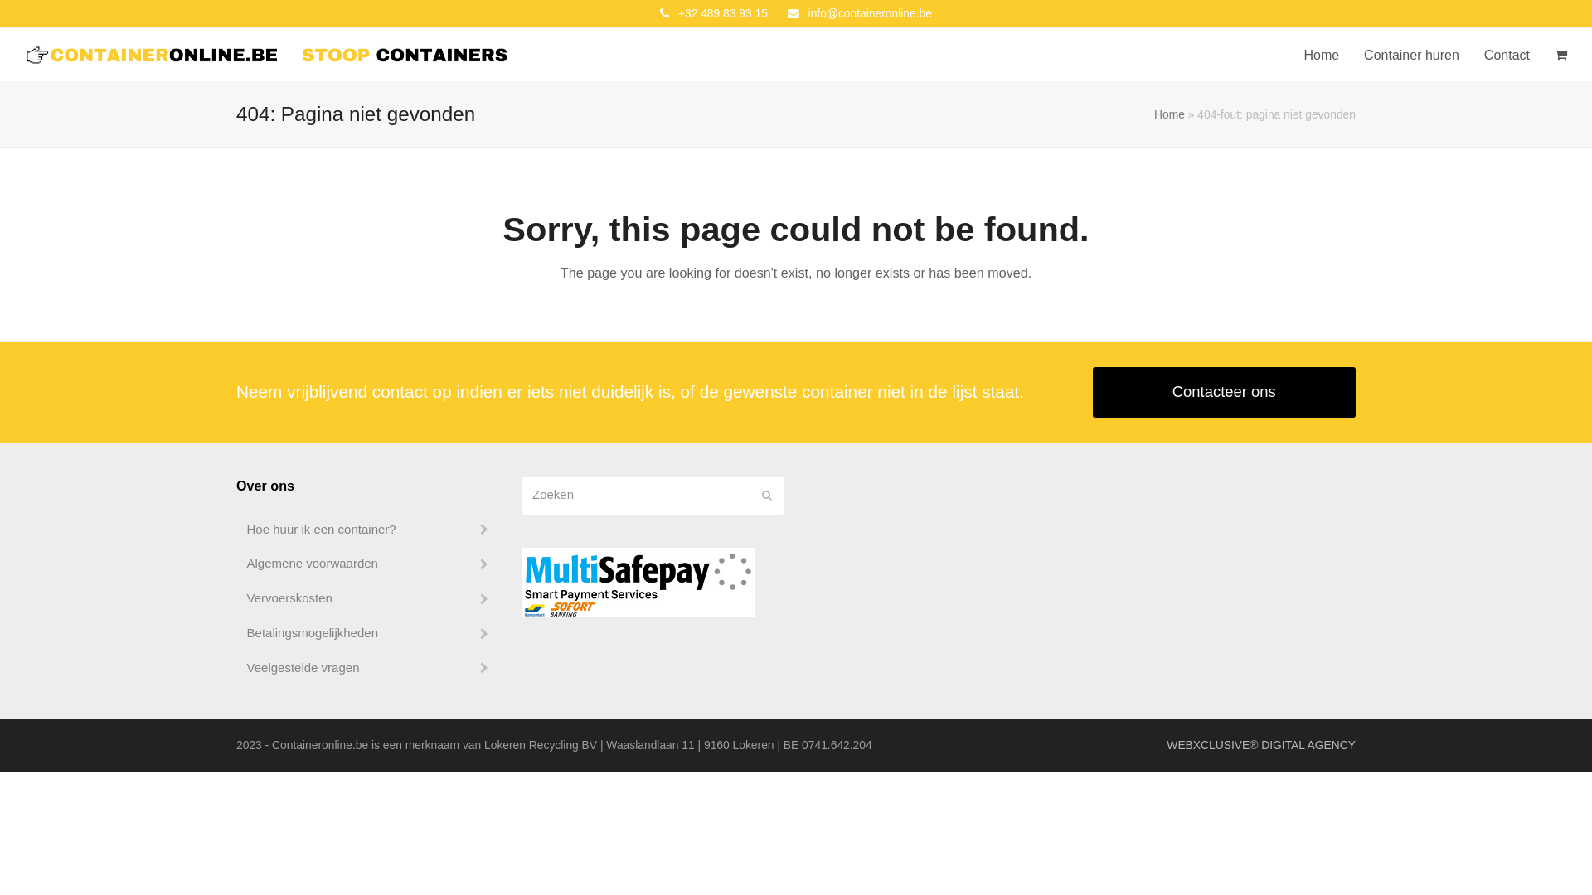 This screenshot has height=895, width=1592. What do you see at coordinates (1168, 114) in the screenshot?
I see `'Home'` at bounding box center [1168, 114].